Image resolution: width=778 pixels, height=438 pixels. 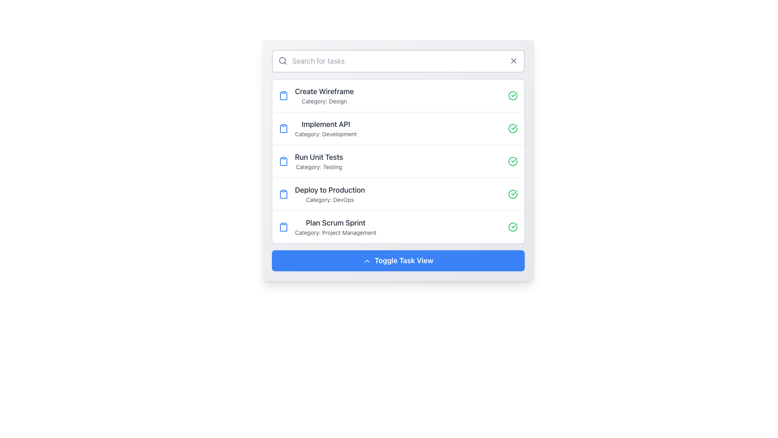 I want to click on the clear button located at the top-right corner of the search bar, so click(x=513, y=60).